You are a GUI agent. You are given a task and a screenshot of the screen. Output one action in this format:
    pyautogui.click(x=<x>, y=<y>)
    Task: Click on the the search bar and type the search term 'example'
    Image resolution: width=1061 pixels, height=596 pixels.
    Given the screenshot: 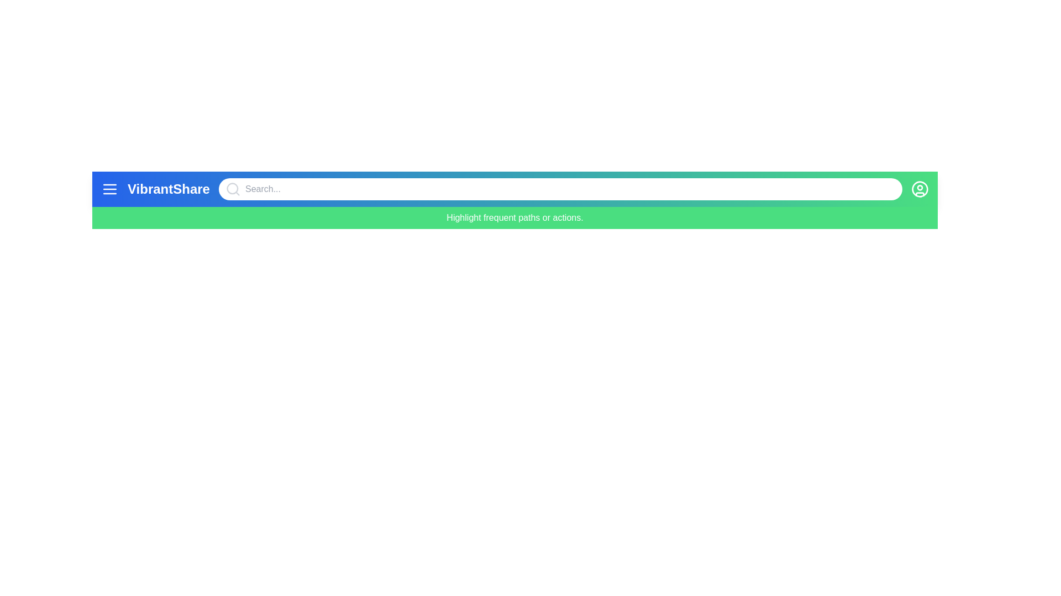 What is the action you would take?
    pyautogui.click(x=560, y=189)
    